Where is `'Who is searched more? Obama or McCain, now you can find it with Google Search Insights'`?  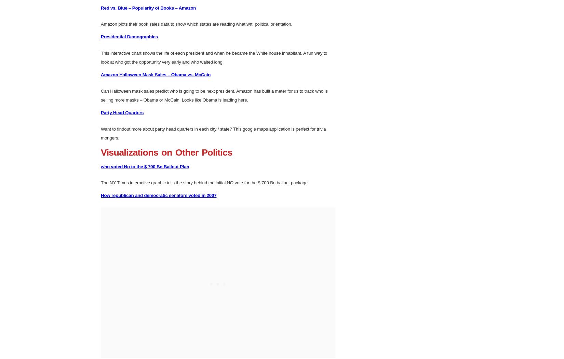 'Who is searched more? Obama or McCain, now you can find it with Google Search Insights' is located at coordinates (190, 71).